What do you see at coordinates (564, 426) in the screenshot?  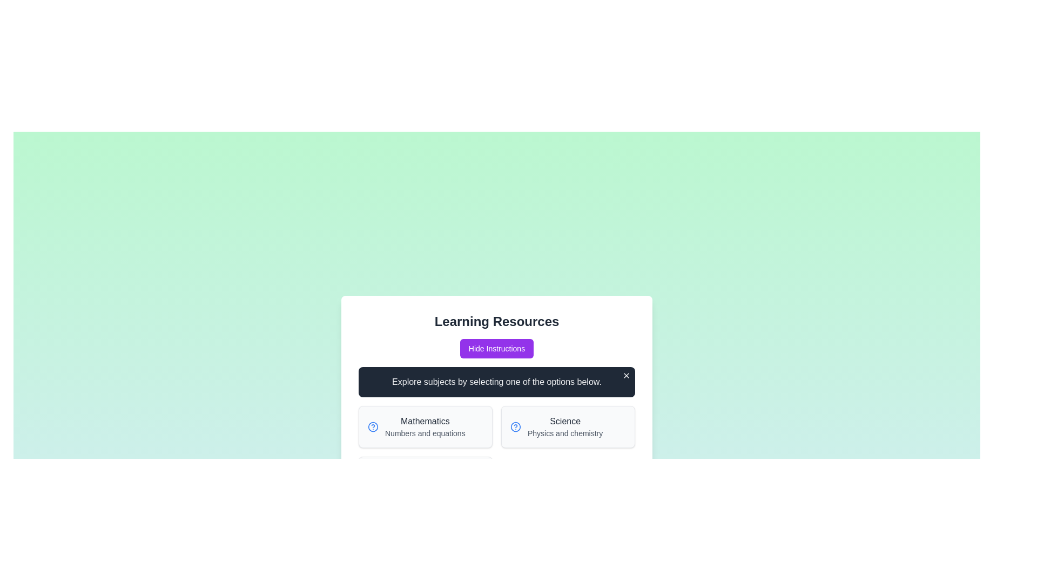 I see `the 'Science' text element, which is a medium bold font header with a subtitle 'Physics and chemistry', located in the right column under subject options` at bounding box center [564, 426].